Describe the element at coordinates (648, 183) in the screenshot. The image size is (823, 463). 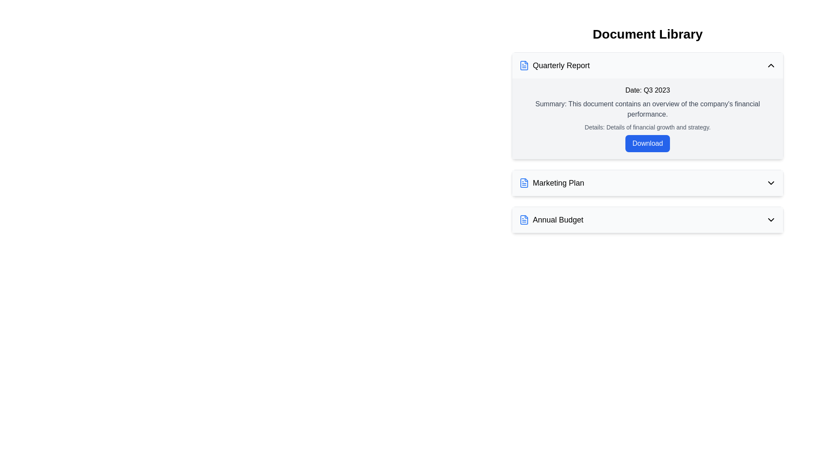
I see `the 'Marketing Plan' collapsible list item to trigger its hover state` at that location.